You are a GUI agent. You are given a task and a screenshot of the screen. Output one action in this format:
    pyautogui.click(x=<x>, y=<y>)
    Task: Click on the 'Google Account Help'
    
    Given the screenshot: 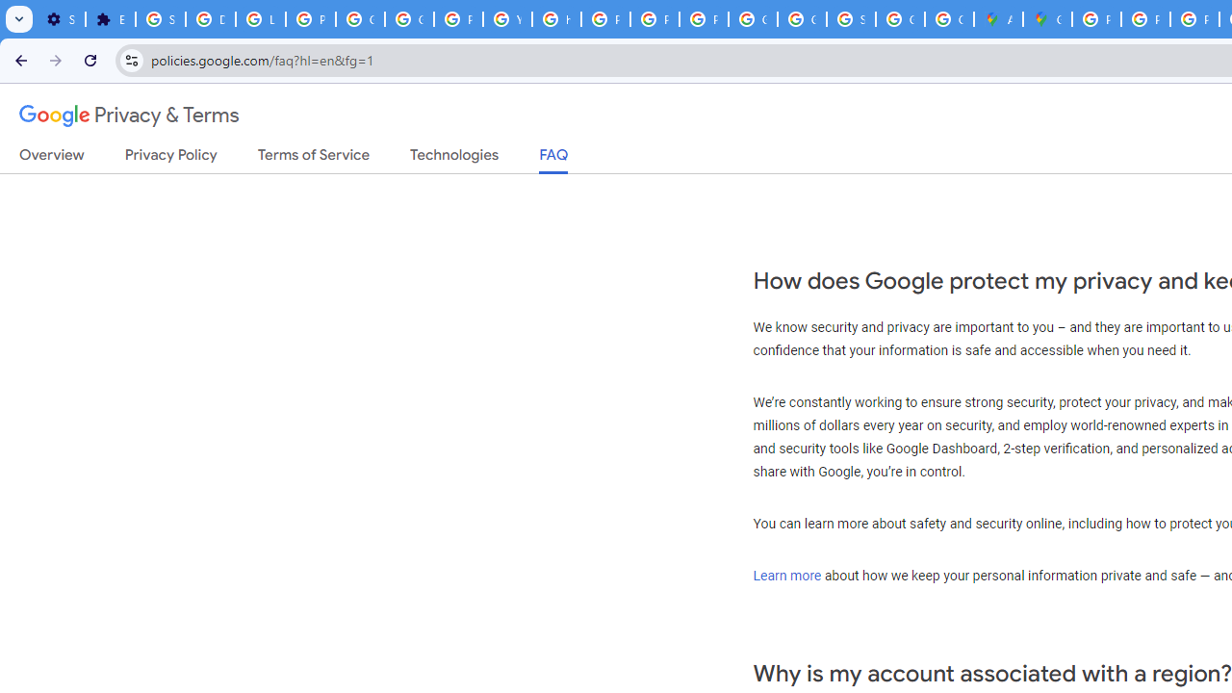 What is the action you would take?
    pyautogui.click(x=361, y=19)
    